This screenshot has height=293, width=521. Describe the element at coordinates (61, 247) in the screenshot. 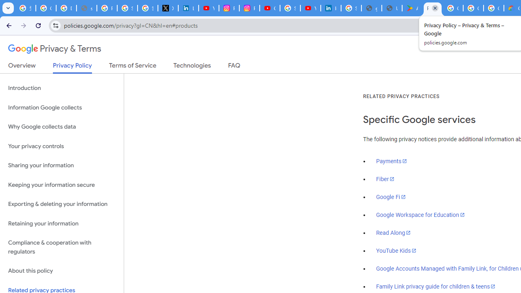

I see `'Compliance & cooperation with regulators'` at that location.